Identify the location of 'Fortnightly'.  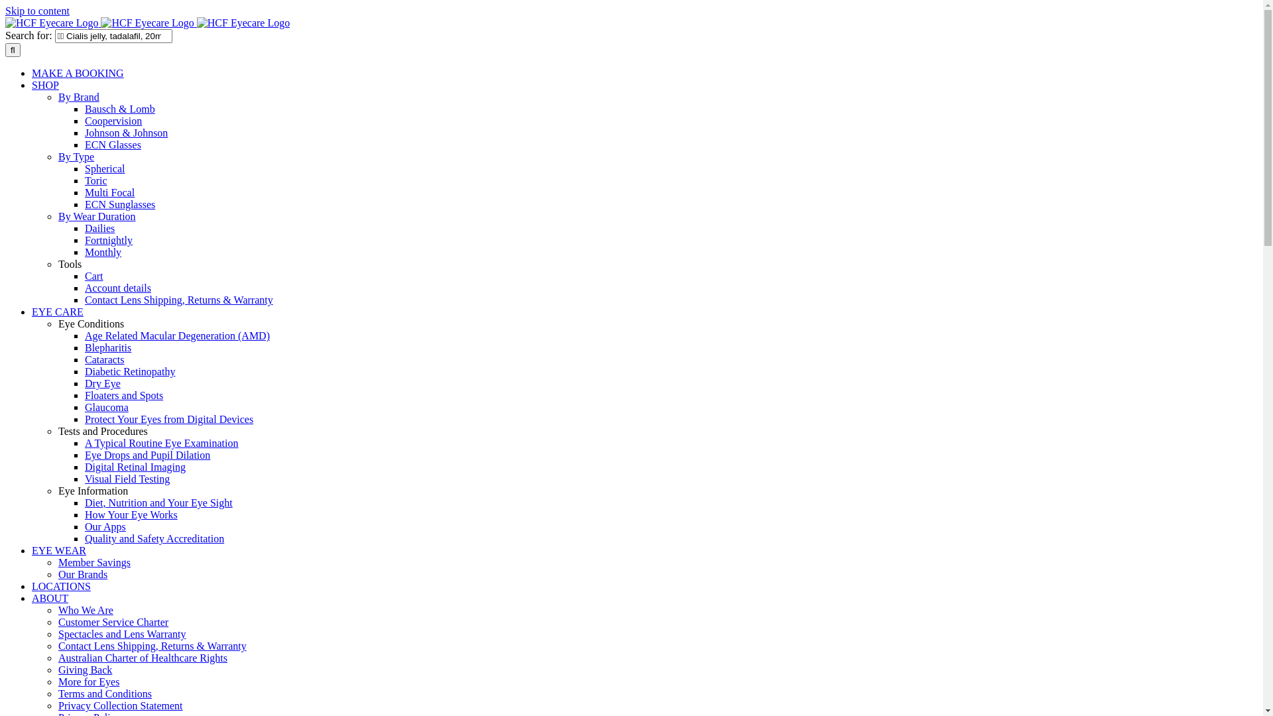
(108, 240).